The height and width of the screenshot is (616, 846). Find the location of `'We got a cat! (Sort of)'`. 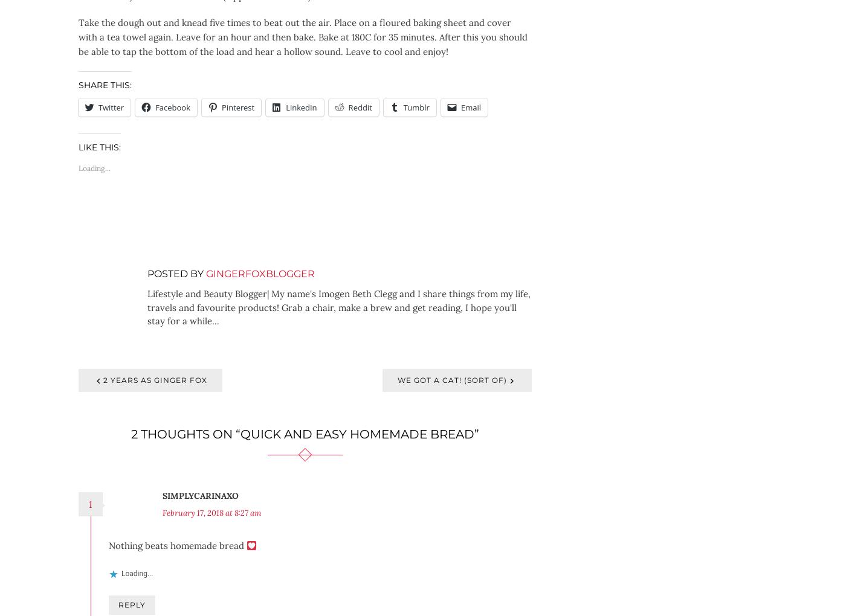

'We got a cat! (Sort of)' is located at coordinates (452, 379).